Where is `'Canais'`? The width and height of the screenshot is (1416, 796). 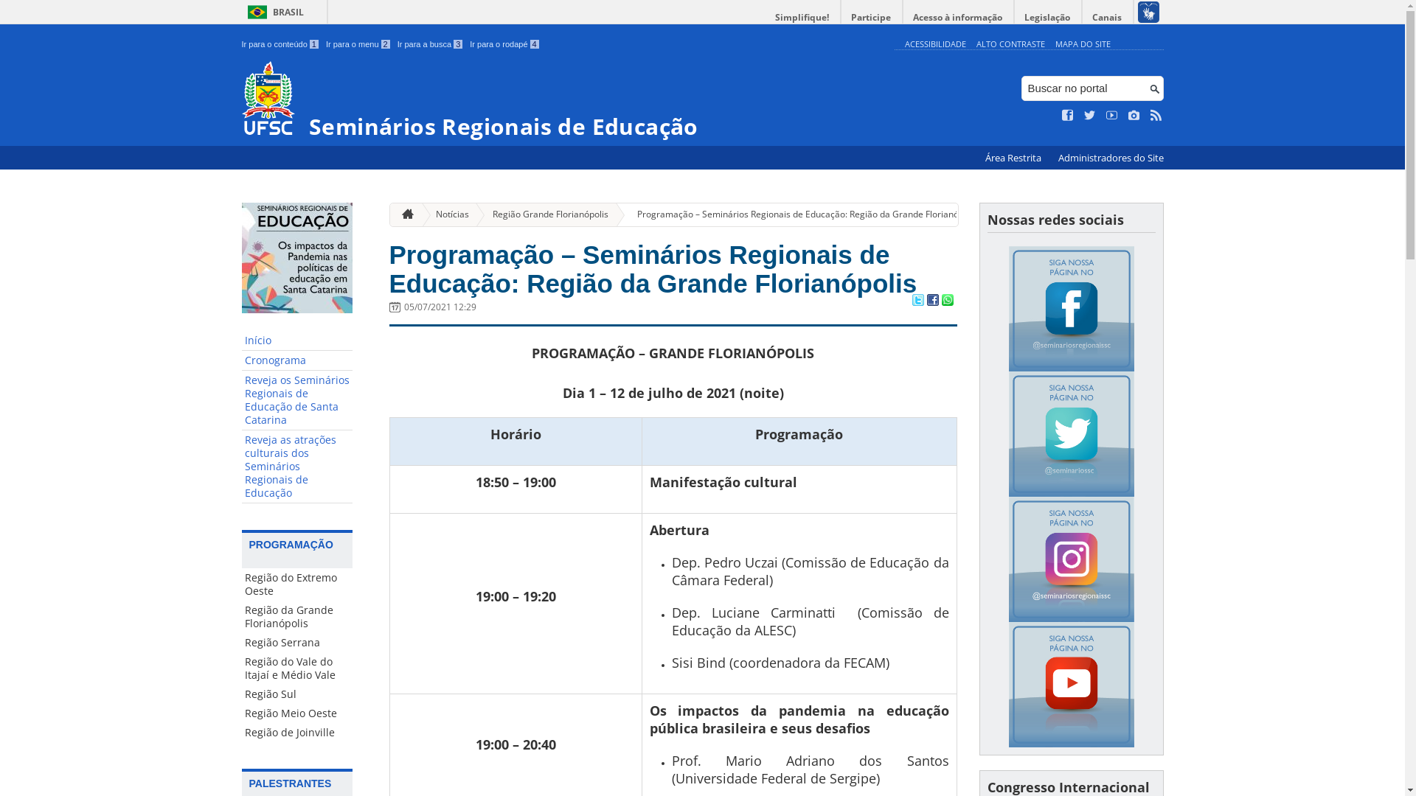 'Canais' is located at coordinates (1108, 17).